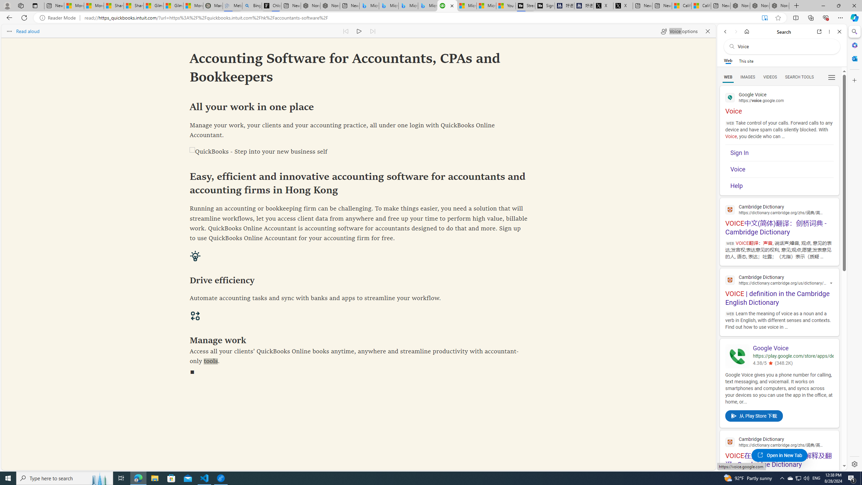  I want to click on 'Global web icon', so click(730, 442).